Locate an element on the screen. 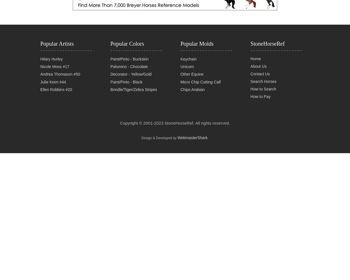 This screenshot has width=350, height=280. 'Micro Chip Cutting Calf' is located at coordinates (200, 82).